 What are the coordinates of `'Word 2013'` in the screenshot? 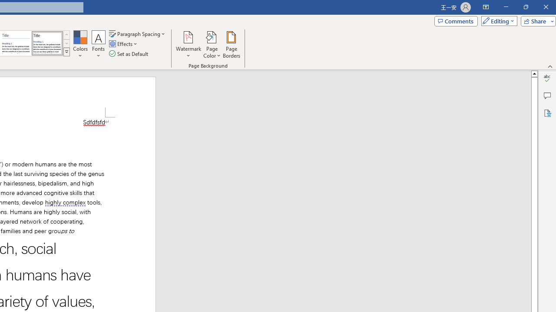 It's located at (46, 43).